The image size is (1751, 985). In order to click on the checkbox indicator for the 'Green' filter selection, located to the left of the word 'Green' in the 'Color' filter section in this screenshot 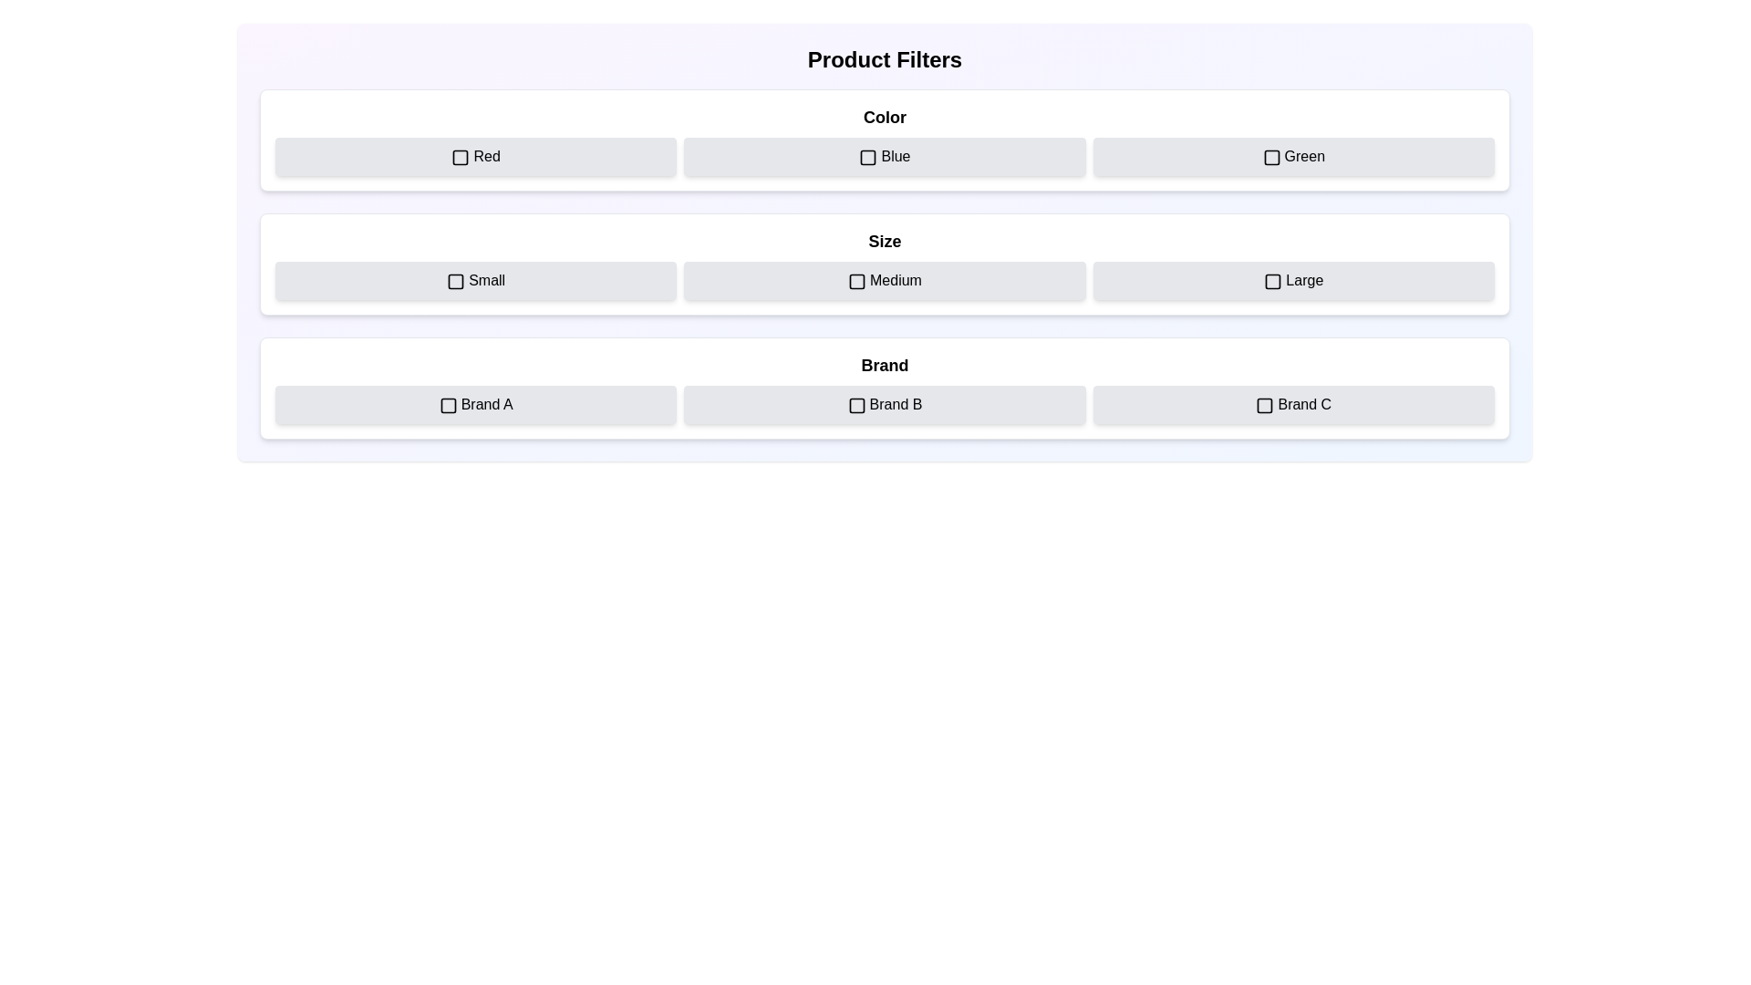, I will do `click(1270, 156)`.